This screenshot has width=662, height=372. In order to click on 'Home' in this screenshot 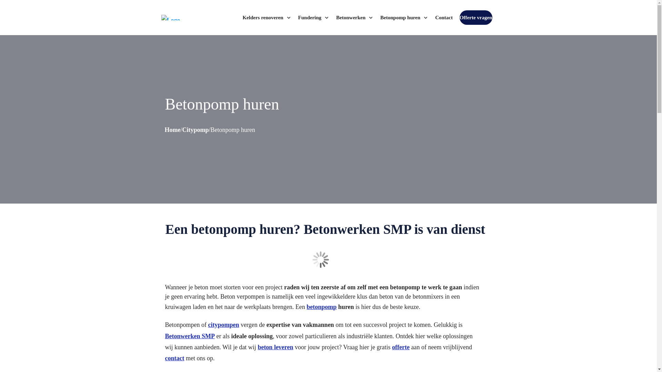, I will do `click(172, 130)`.